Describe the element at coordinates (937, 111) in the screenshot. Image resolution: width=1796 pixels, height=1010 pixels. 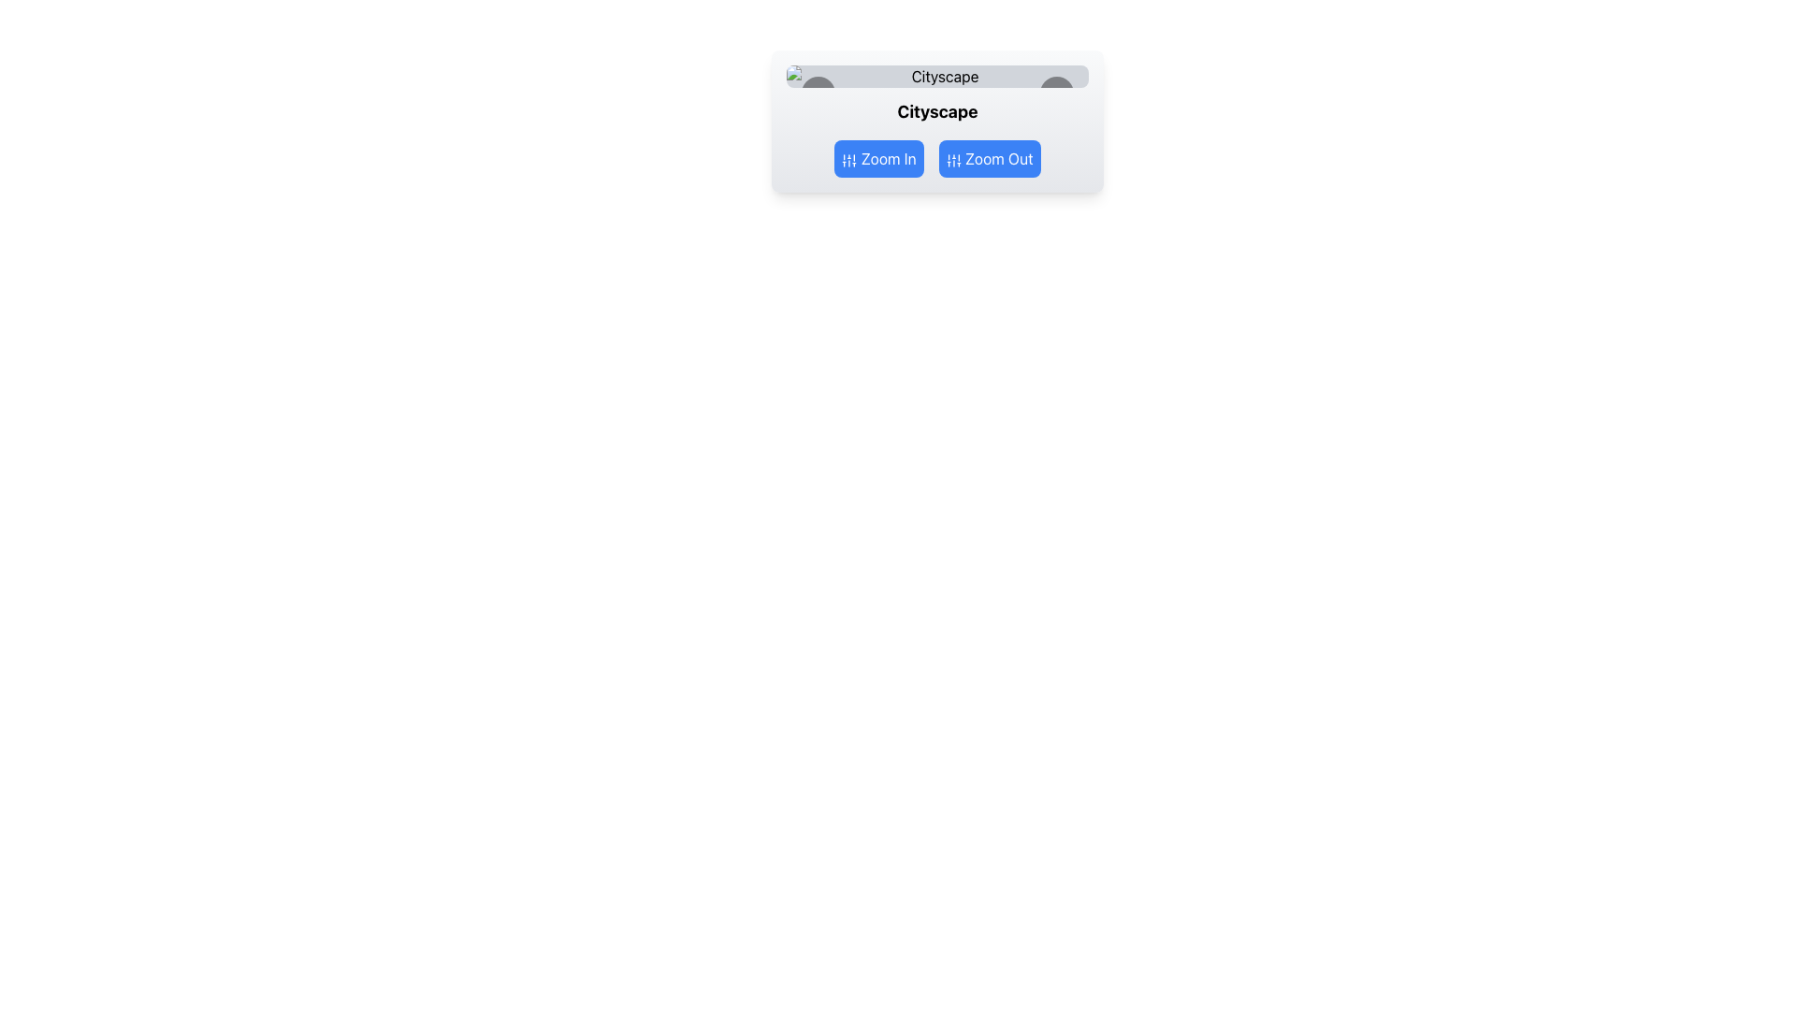
I see `the text label displaying 'Cityscape', which is bold and center-aligned, located centrally between the 'Zoom In' and 'Zoom Out' buttons` at that location.